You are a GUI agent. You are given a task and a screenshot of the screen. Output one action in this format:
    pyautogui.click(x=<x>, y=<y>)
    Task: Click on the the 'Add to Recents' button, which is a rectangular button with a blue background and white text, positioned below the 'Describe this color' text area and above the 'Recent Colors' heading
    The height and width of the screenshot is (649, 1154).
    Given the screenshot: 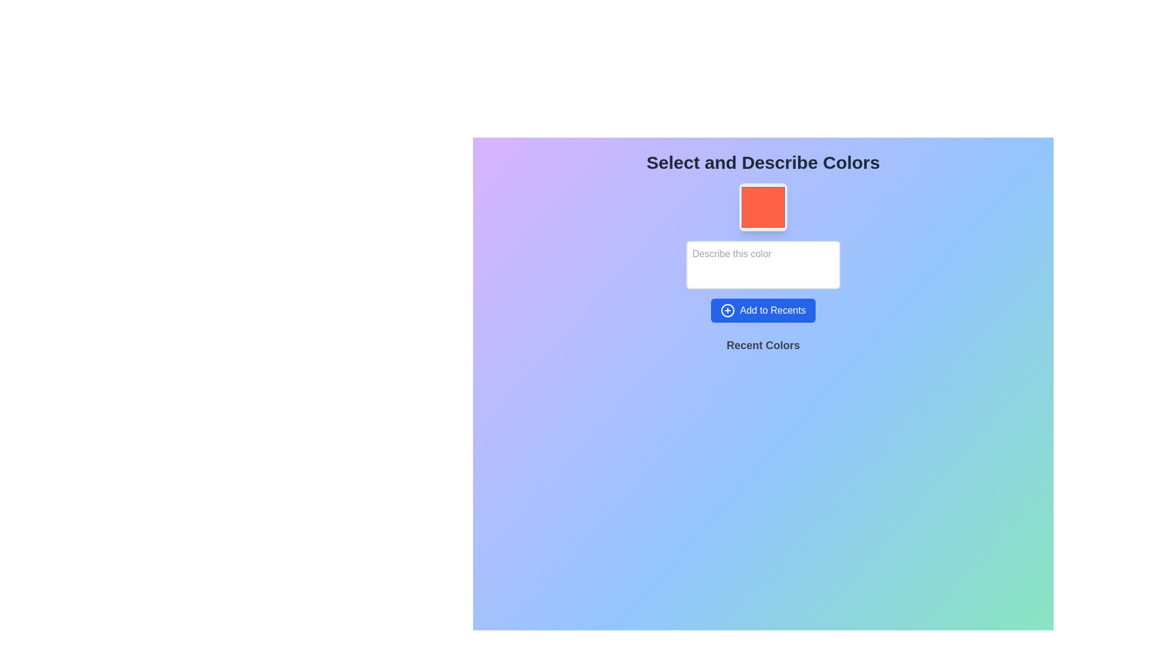 What is the action you would take?
    pyautogui.click(x=763, y=309)
    